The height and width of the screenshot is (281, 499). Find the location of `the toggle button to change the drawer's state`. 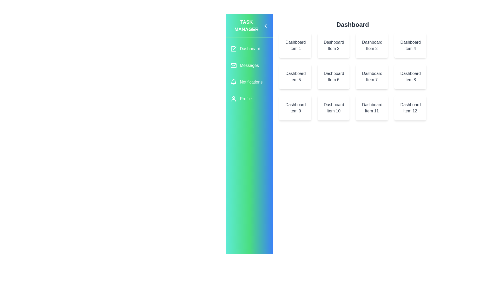

the toggle button to change the drawer's state is located at coordinates (266, 26).